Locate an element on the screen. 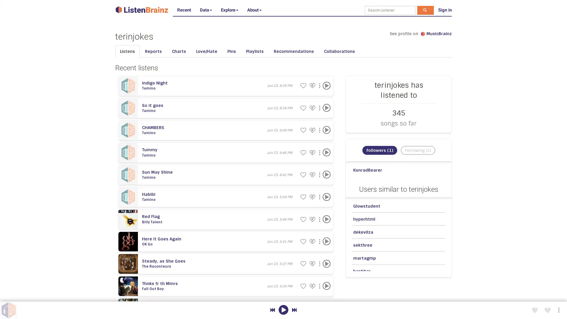 Image resolution: width=567 pixels, height=319 pixels. Followers (1) is located at coordinates (379, 150).